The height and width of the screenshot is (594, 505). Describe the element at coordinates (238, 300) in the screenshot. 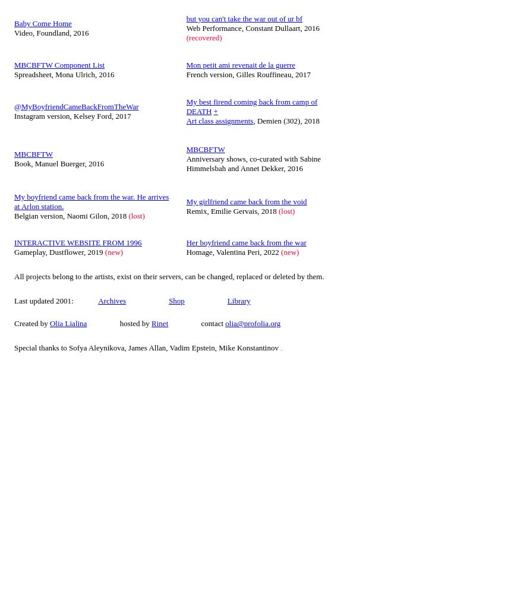

I see `'Library'` at that location.